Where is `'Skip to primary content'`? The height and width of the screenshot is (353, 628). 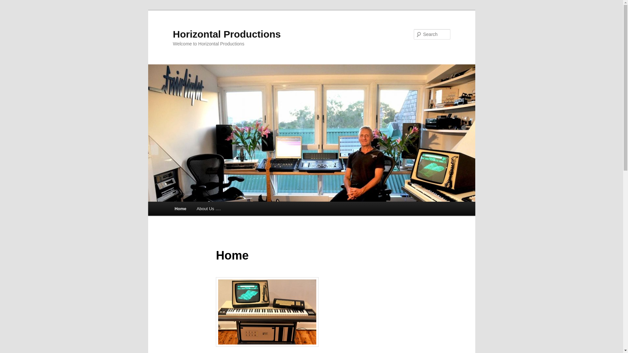
'Skip to primary content' is located at coordinates (203, 210).